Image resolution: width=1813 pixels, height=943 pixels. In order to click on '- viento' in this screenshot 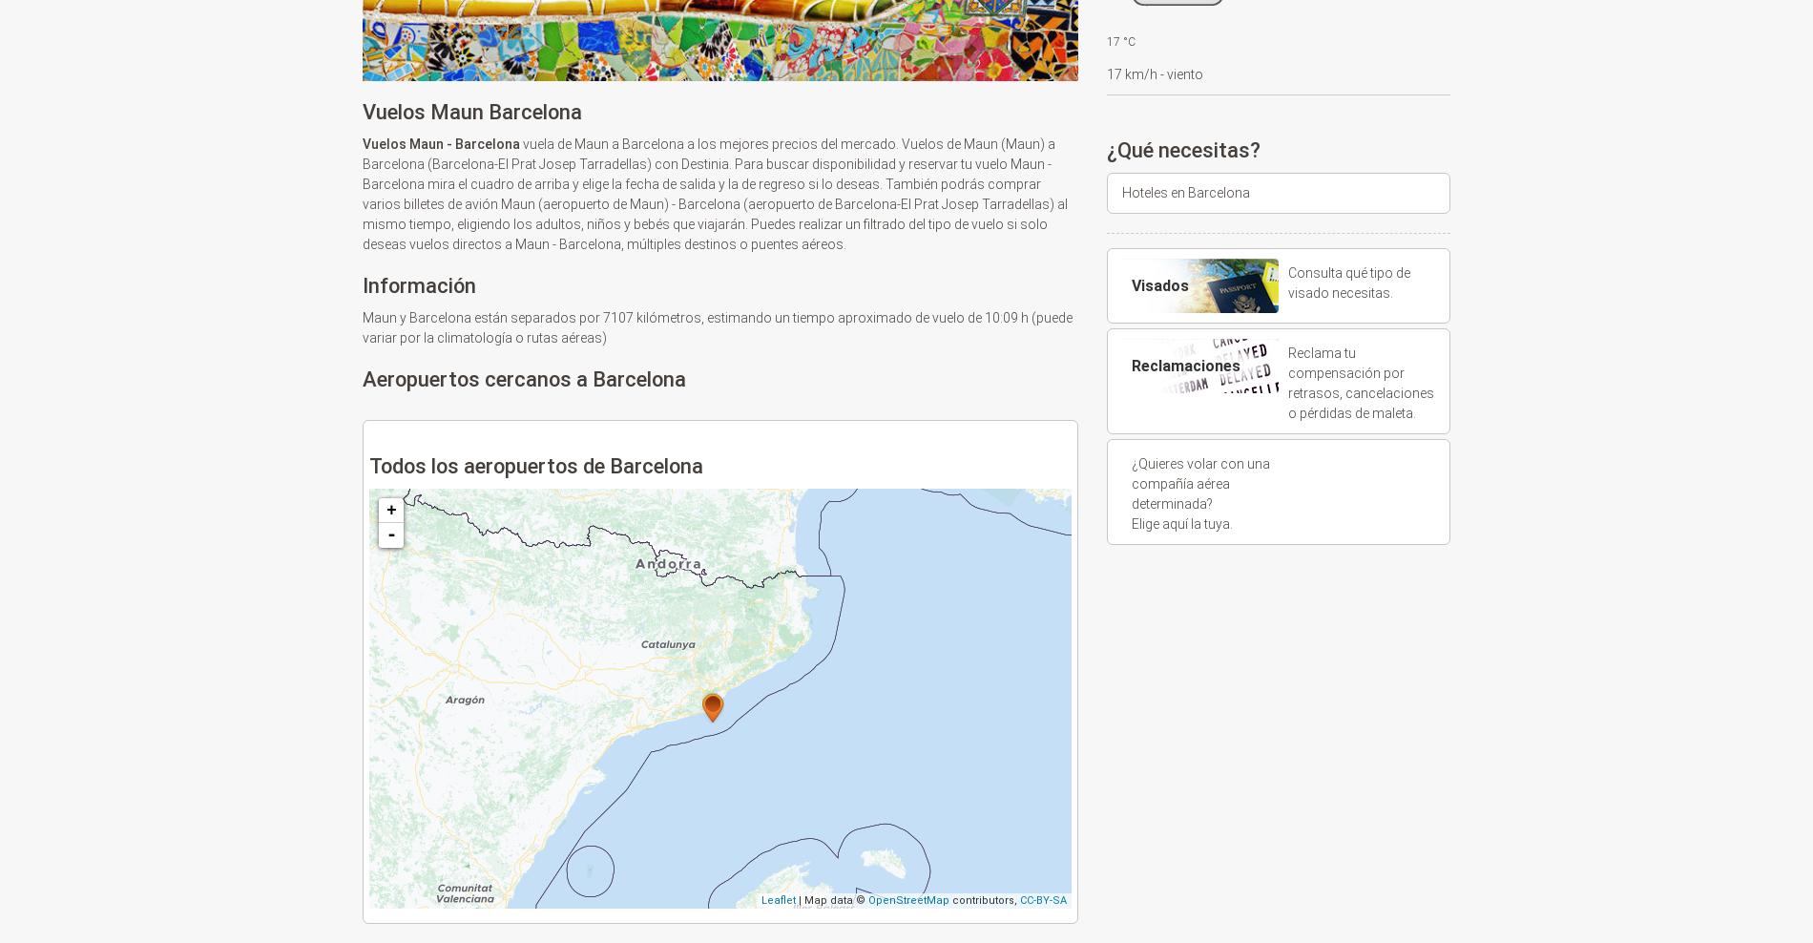, I will do `click(1179, 73)`.